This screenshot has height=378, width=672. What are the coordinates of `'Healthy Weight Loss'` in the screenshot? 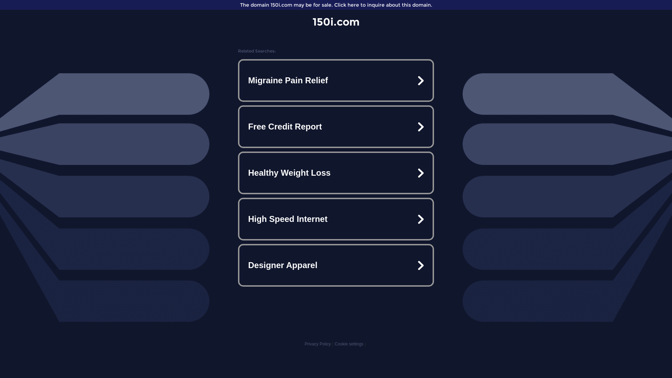 It's located at (336, 173).